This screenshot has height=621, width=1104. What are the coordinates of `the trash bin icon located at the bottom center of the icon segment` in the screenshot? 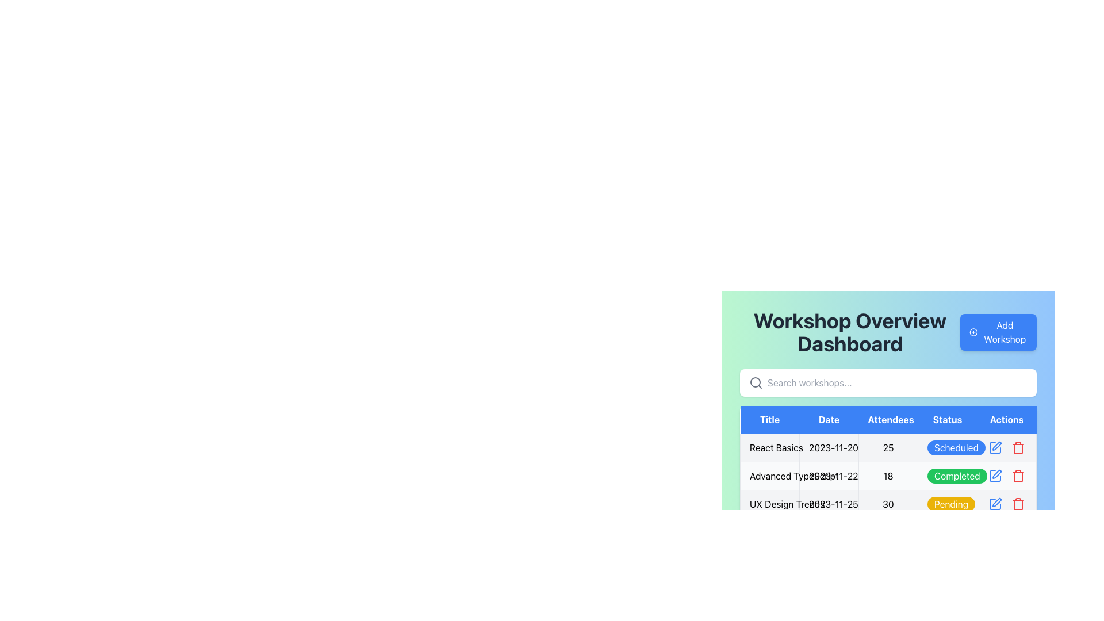 It's located at (1018, 448).